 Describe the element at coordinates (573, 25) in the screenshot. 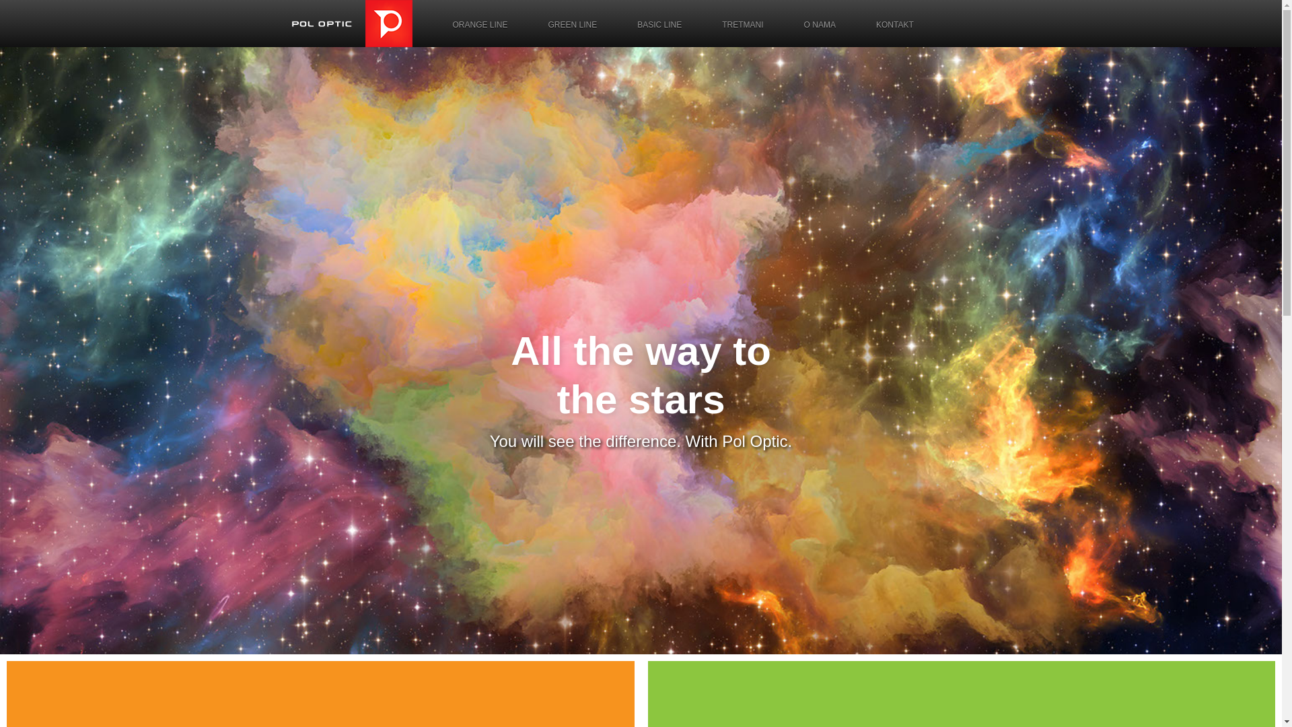

I see `'GREEN LINE'` at that location.